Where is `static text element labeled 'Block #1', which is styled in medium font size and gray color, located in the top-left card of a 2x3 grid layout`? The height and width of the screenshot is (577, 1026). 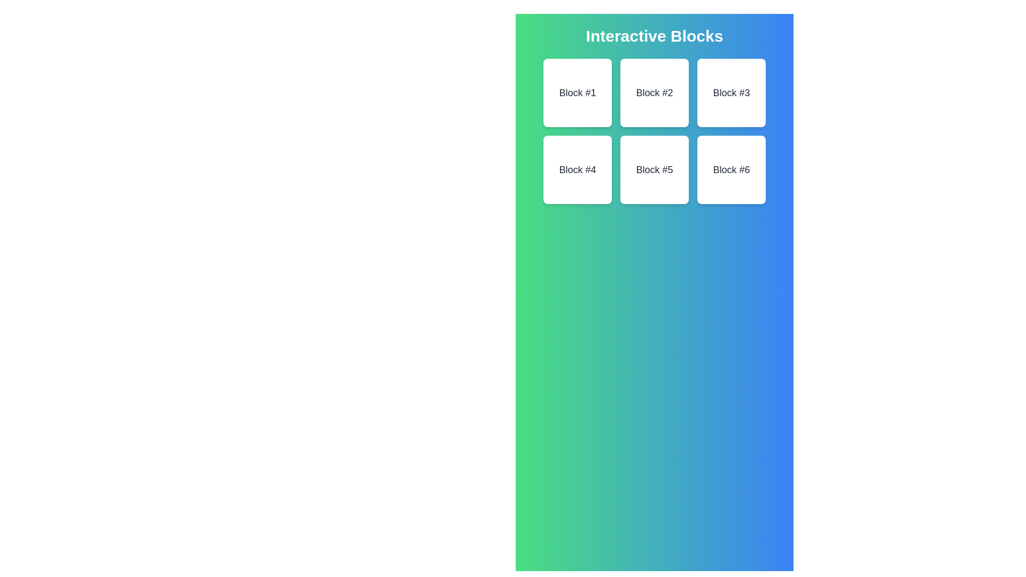
static text element labeled 'Block #1', which is styled in medium font size and gray color, located in the top-left card of a 2x3 grid layout is located at coordinates (577, 92).